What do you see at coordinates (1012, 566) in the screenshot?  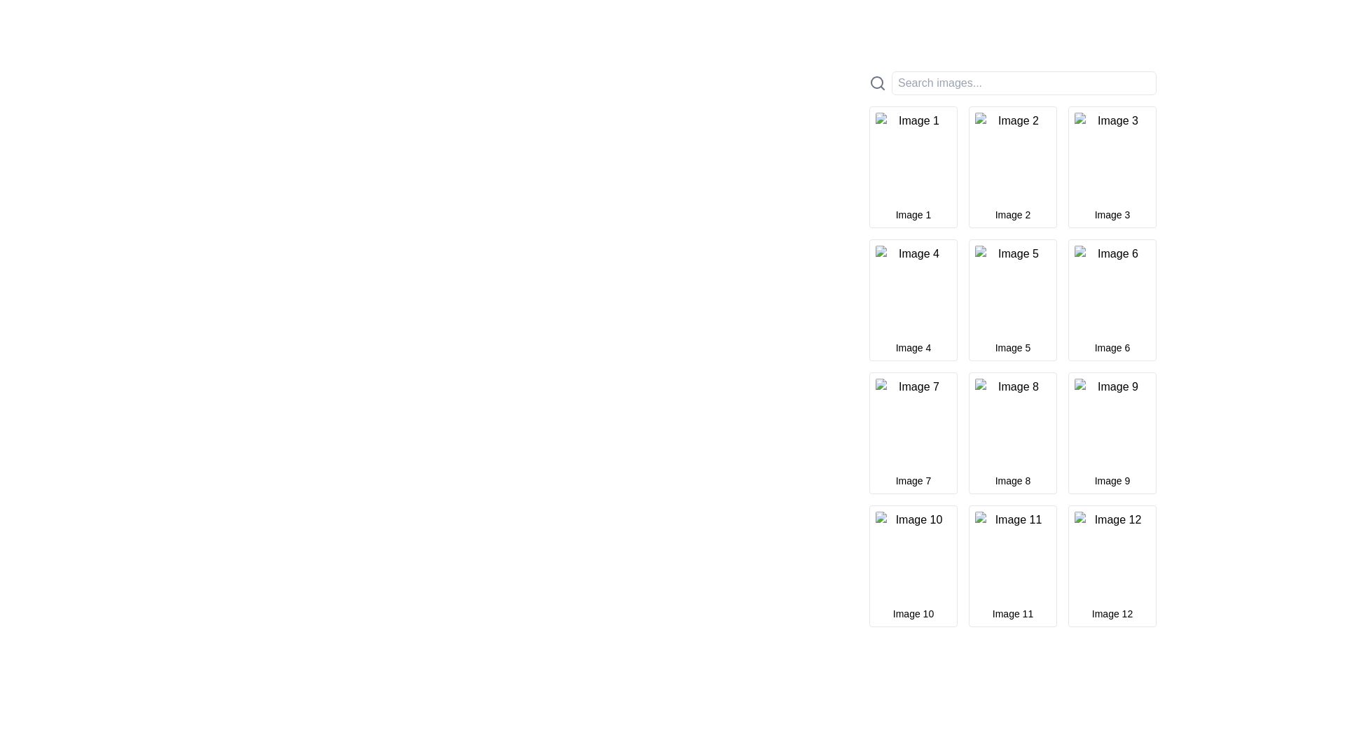 I see `the card displaying 'Image 11' located in the bottom row, second column of the grid layout for additional options or visual effects` at bounding box center [1012, 566].